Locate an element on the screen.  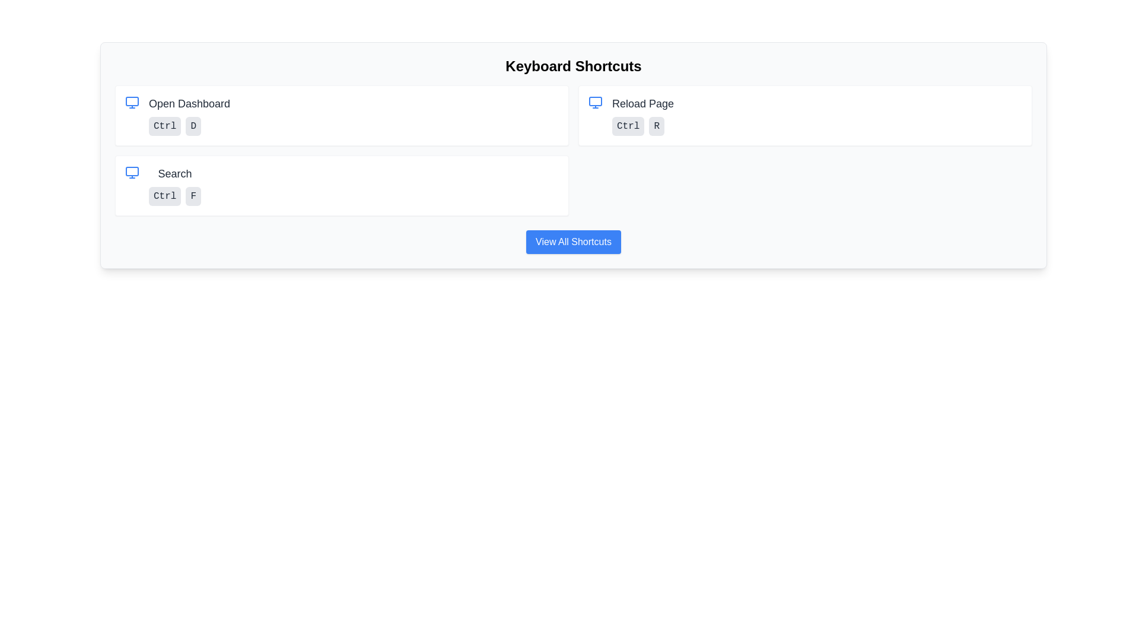
the keyboard shortcut label for 'Ctrl + D' located below the heading 'Open Dashboard' in the left-aligned panel is located at coordinates (189, 126).